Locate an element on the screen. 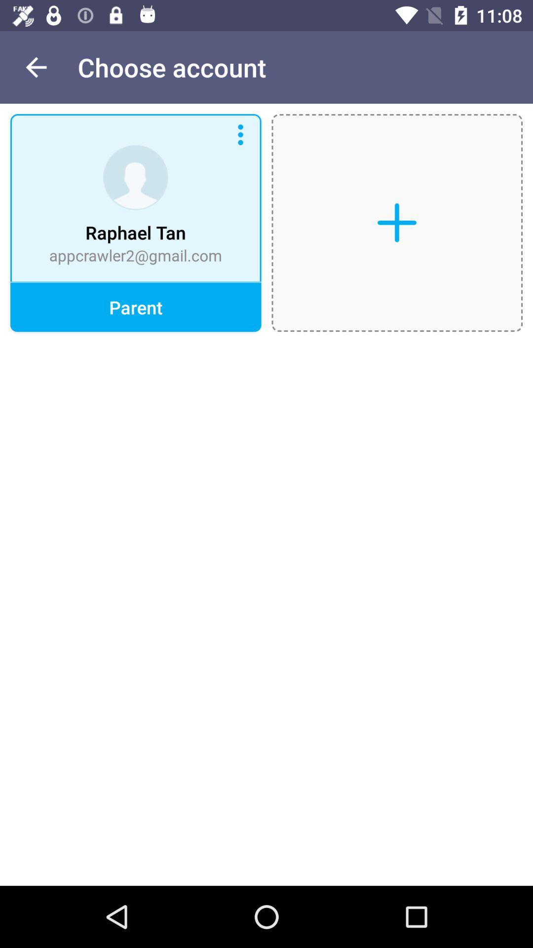 This screenshot has height=948, width=533. the icon above appcrawler2@gmail.com item is located at coordinates (36, 67).